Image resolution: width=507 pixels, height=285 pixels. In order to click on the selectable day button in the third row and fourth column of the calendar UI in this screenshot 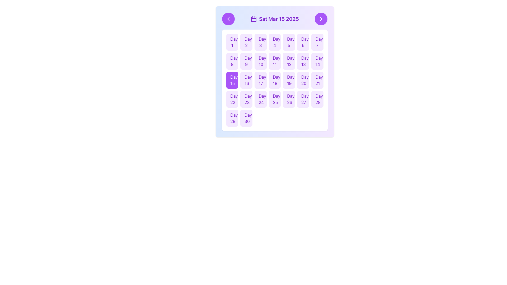, I will do `click(275, 72)`.